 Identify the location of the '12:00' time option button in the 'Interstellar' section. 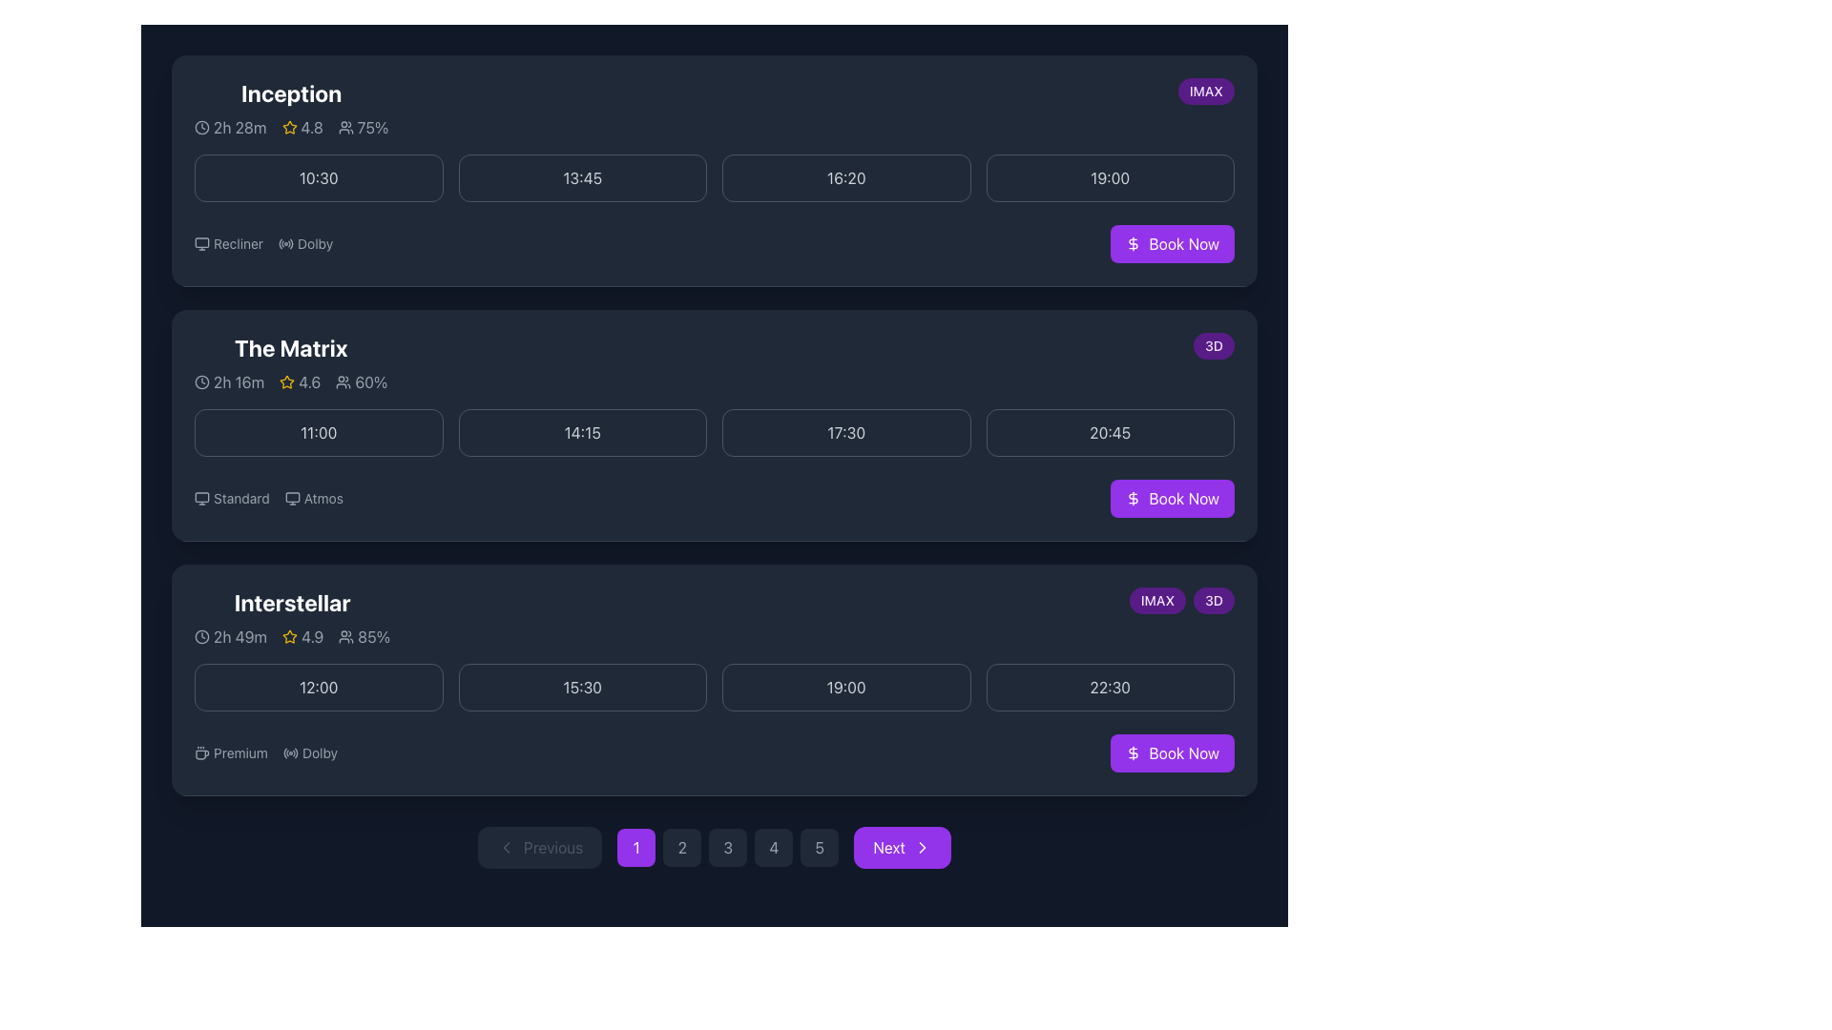
(319, 688).